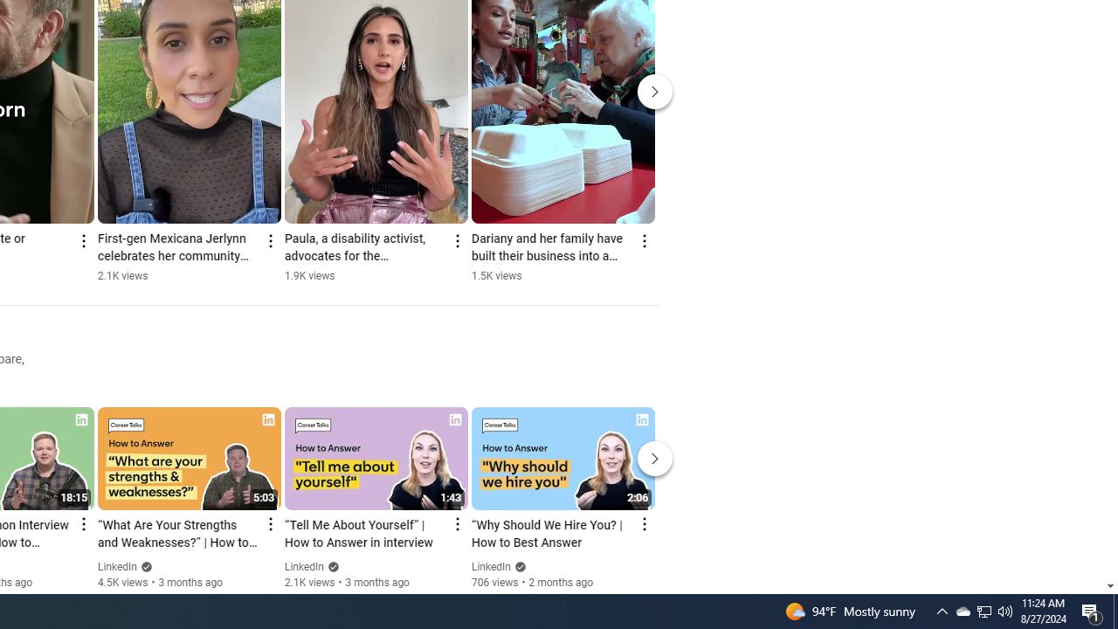 The height and width of the screenshot is (629, 1118). I want to click on 'Action menu', so click(643, 523).